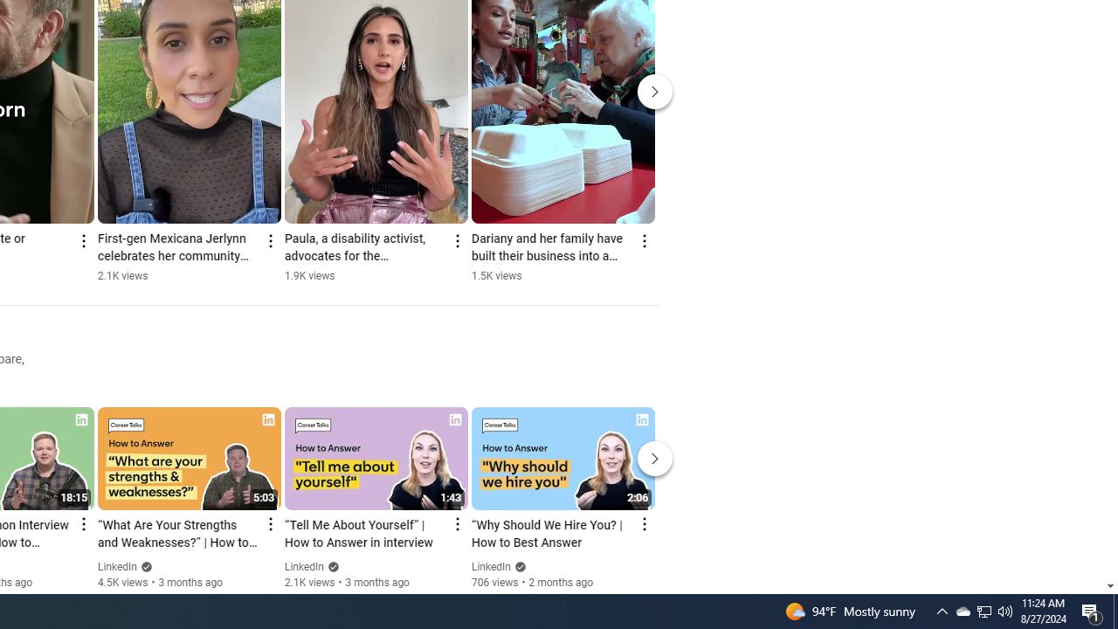 The height and width of the screenshot is (629, 1118). I want to click on 'Action menu', so click(643, 523).